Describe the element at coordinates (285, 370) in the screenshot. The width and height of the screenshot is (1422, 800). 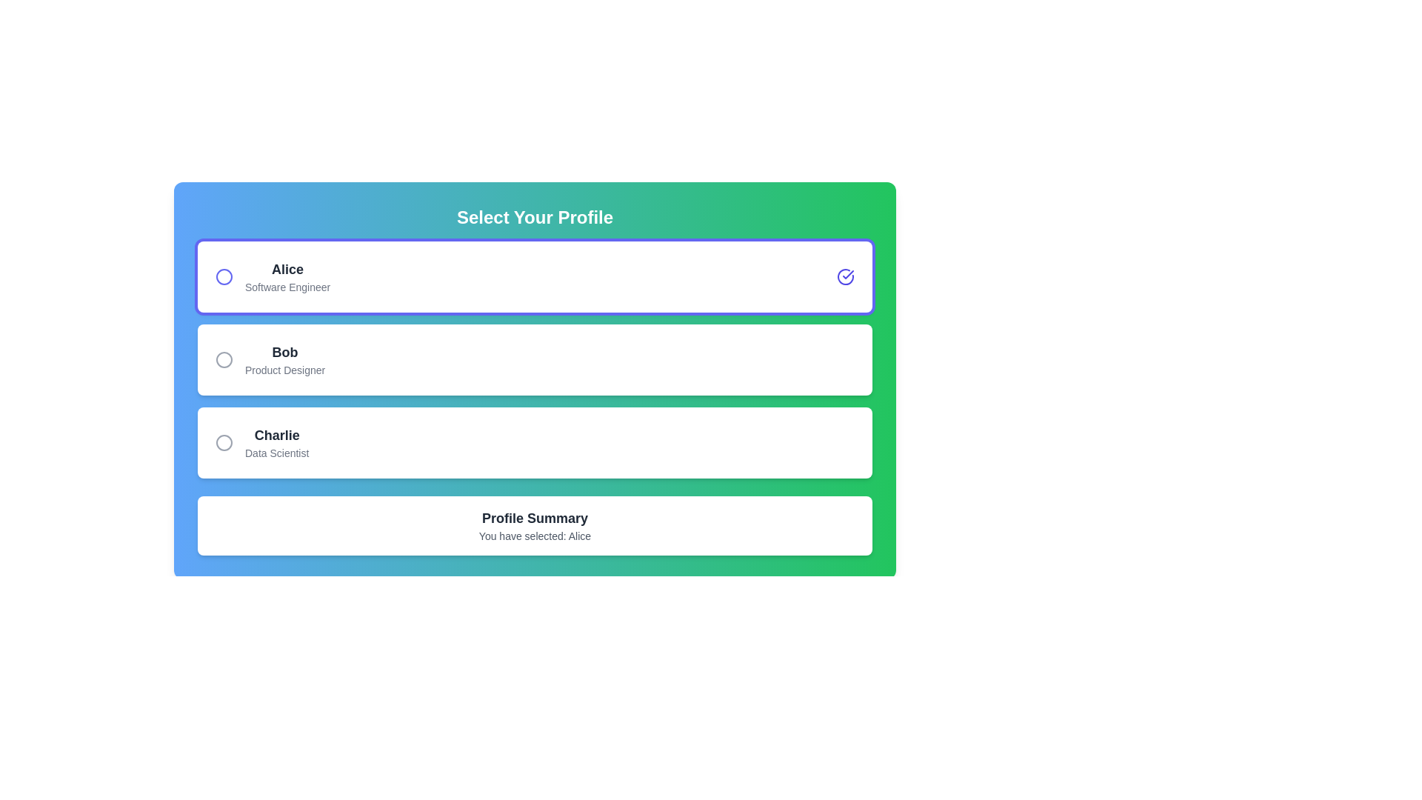
I see `the job title label associated with the 'Bob' profile option, which is located directly below the 'Bob' name label within the 'Bob' profile card` at that location.